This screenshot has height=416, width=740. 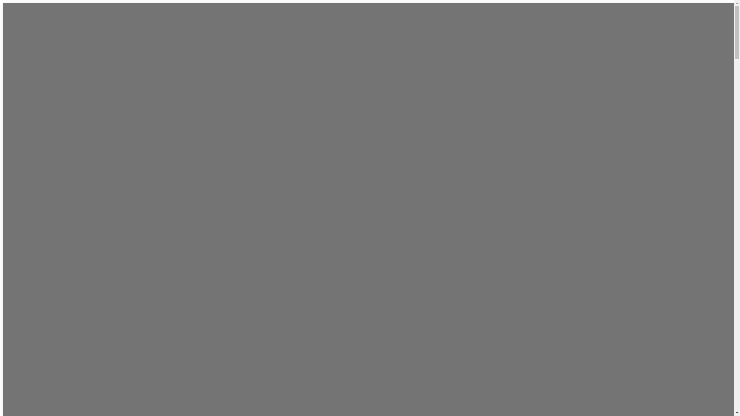 What do you see at coordinates (363, 81) in the screenshot?
I see `'Environment and Planning Law'` at bounding box center [363, 81].